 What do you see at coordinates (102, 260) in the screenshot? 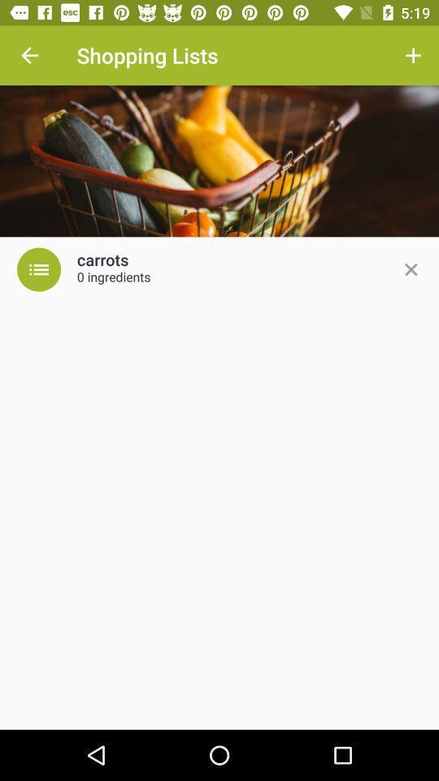
I see `the carrots item` at bounding box center [102, 260].